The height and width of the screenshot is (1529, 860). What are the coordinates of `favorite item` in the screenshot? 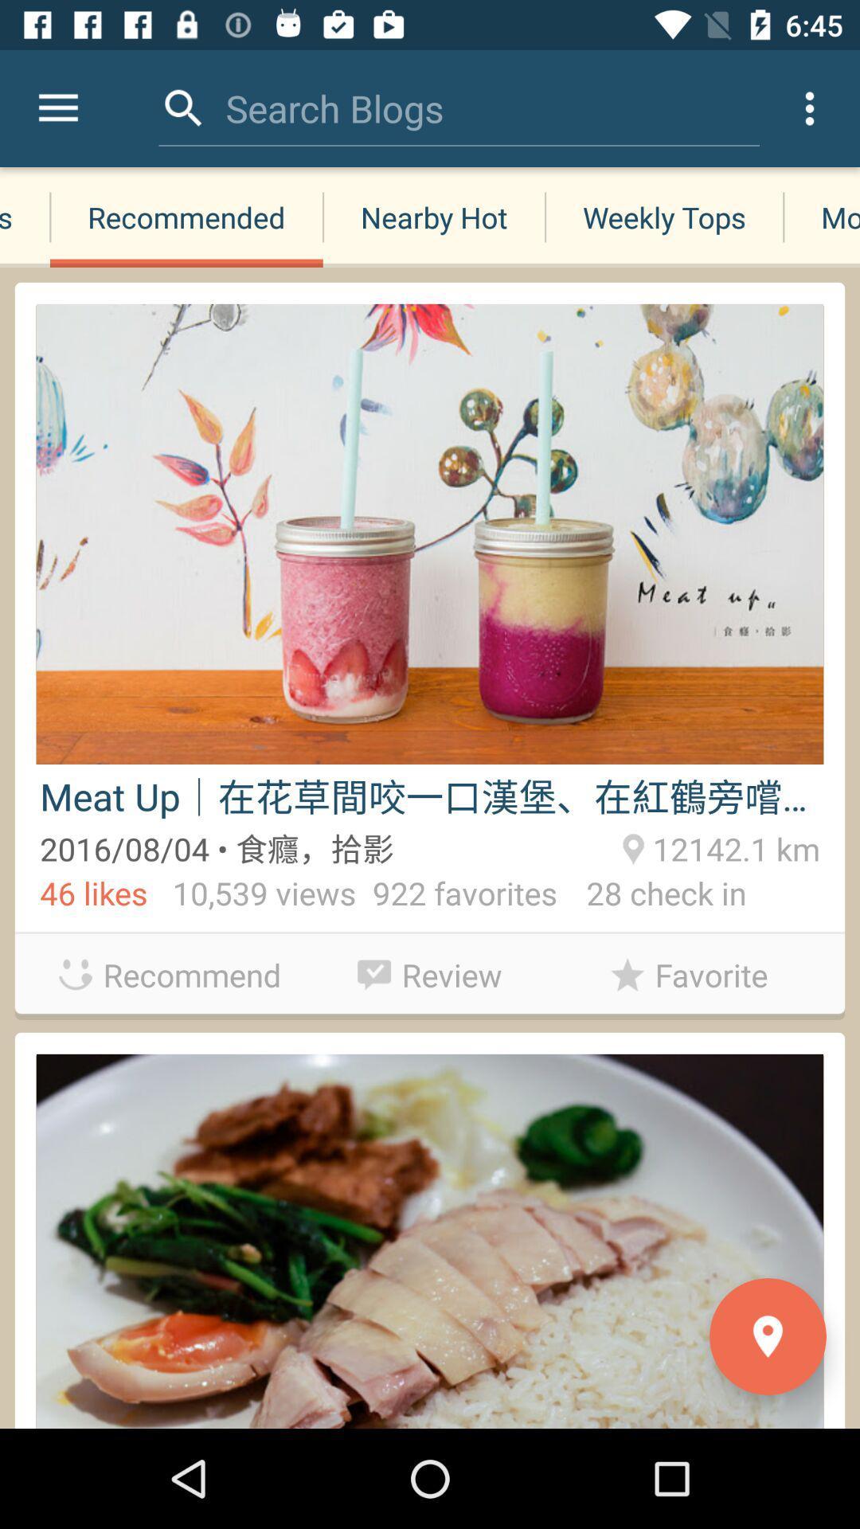 It's located at (688, 974).